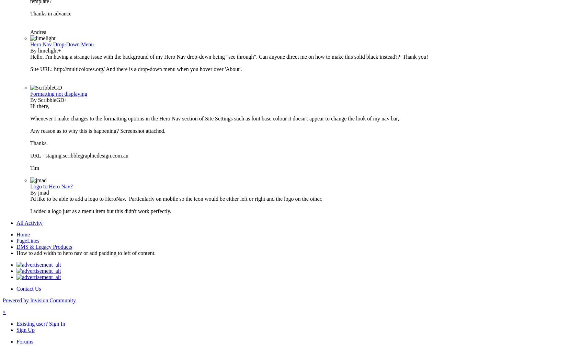 The width and height of the screenshot is (581, 350). I want to click on 'Whenever I make changes to the formatting options in the Hero Nav section of Site Settings such as font base colour it doesn't appear to change the look of my nav bar,', so click(214, 118).